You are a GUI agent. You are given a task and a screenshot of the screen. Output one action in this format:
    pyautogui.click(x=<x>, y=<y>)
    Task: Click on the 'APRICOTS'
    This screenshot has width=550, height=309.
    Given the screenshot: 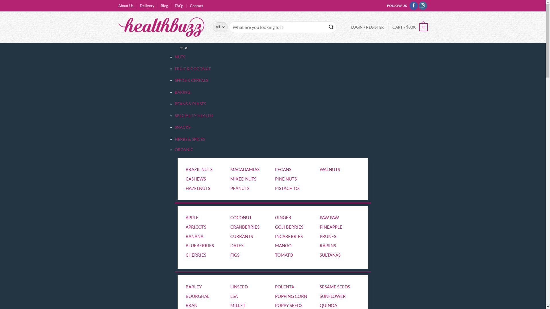 What is the action you would take?
    pyautogui.click(x=196, y=227)
    